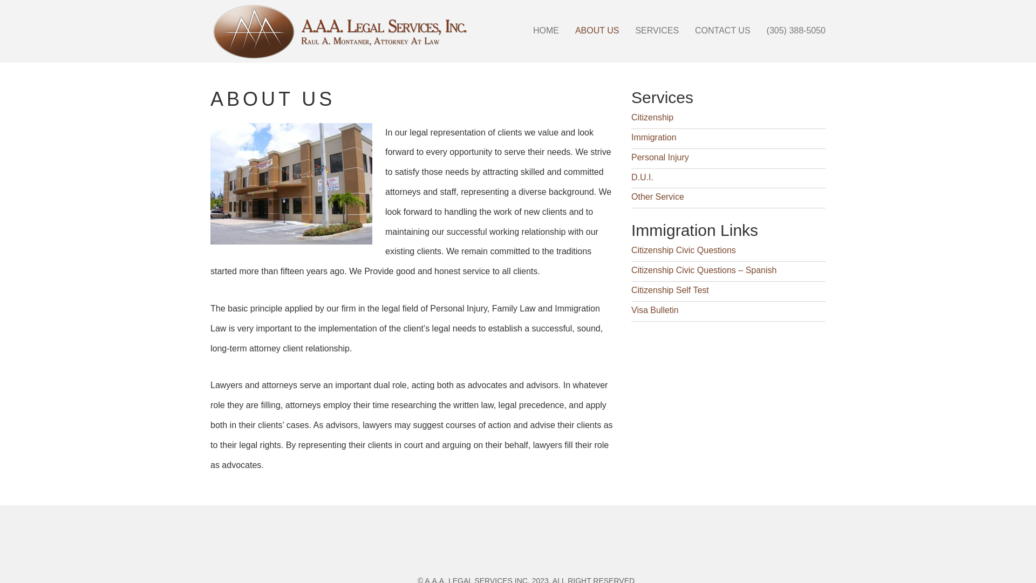  What do you see at coordinates (631, 289) in the screenshot?
I see `'Citizenship Self Test'` at bounding box center [631, 289].